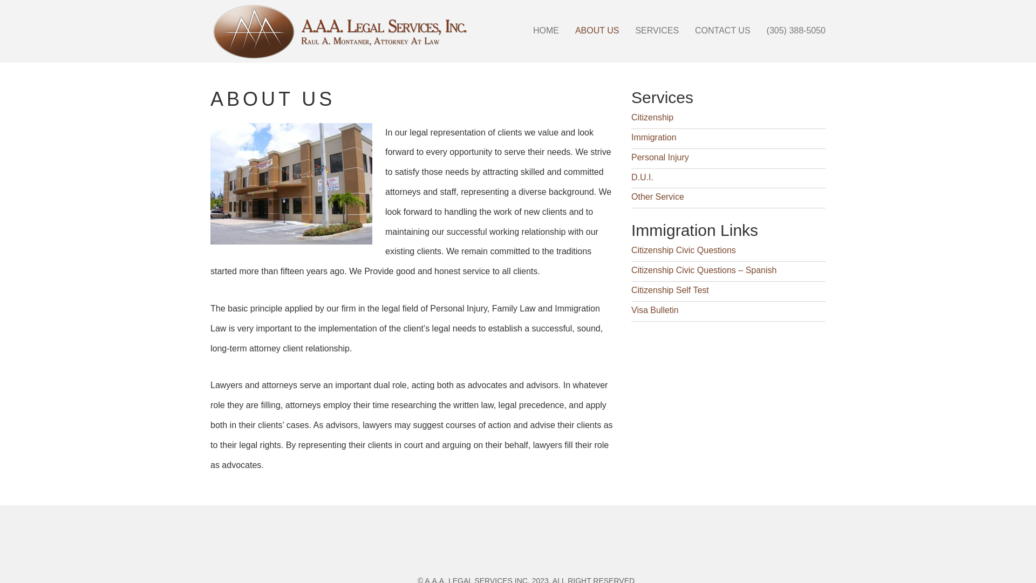  What do you see at coordinates (631, 289) in the screenshot?
I see `'Citizenship Self Test'` at bounding box center [631, 289].